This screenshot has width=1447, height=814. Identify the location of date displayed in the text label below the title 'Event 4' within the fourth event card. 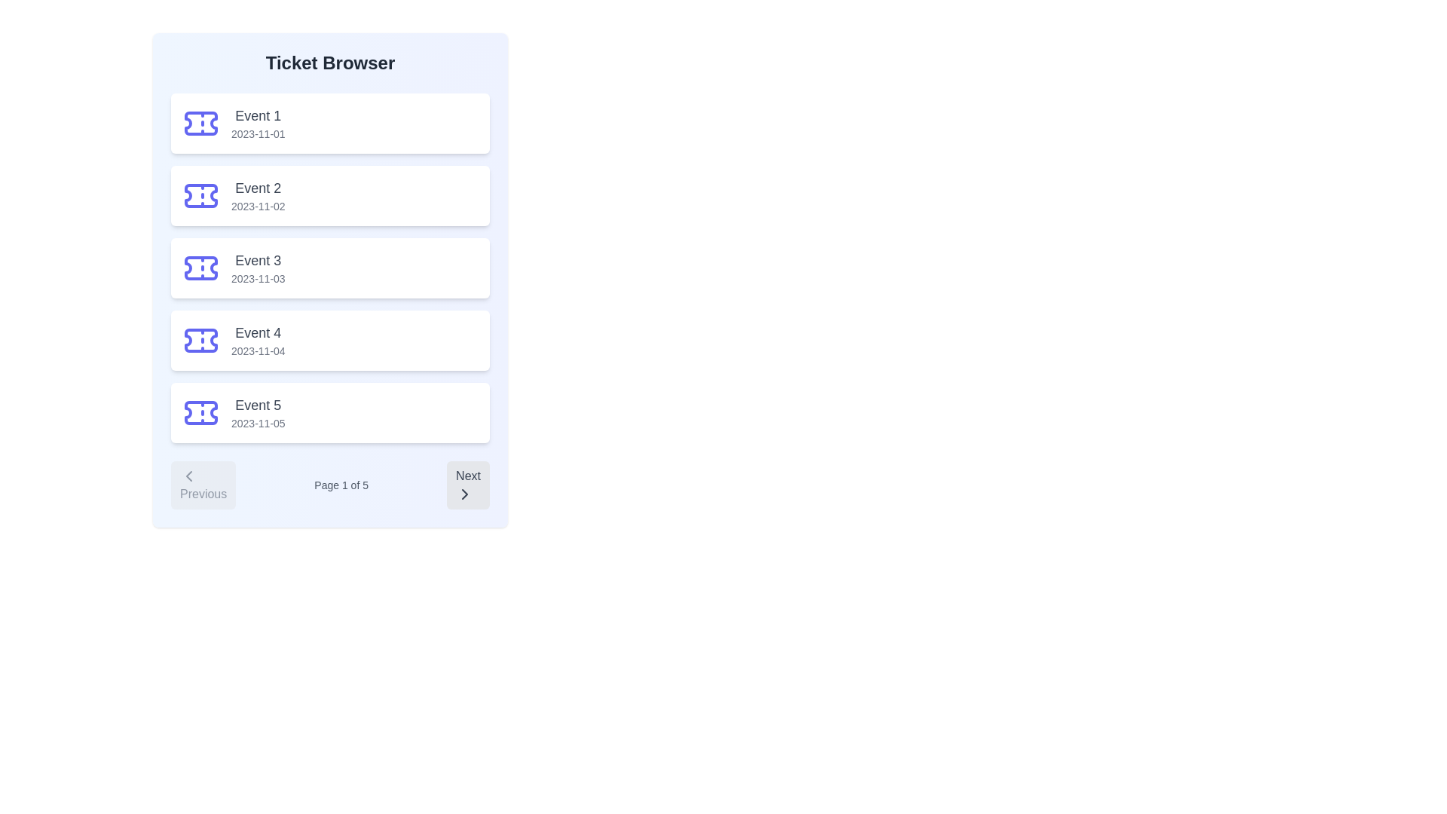
(258, 351).